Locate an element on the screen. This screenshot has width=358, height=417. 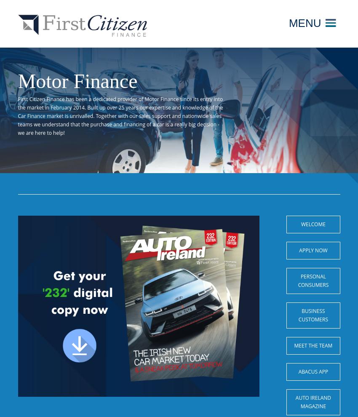
'Meet the Team' is located at coordinates (294, 345).